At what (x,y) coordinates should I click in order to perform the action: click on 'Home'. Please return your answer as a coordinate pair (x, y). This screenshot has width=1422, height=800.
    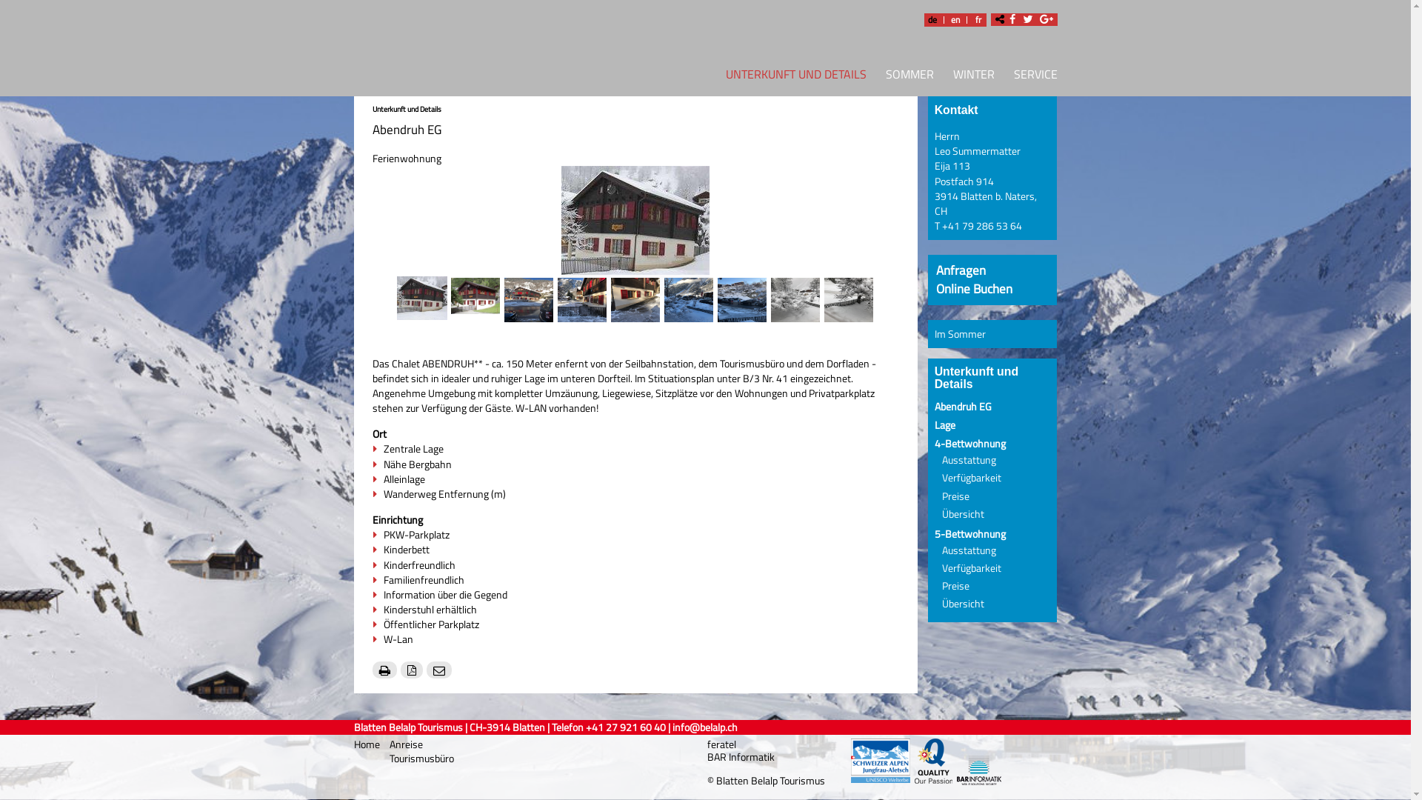
    Looking at the image, I should click on (368, 744).